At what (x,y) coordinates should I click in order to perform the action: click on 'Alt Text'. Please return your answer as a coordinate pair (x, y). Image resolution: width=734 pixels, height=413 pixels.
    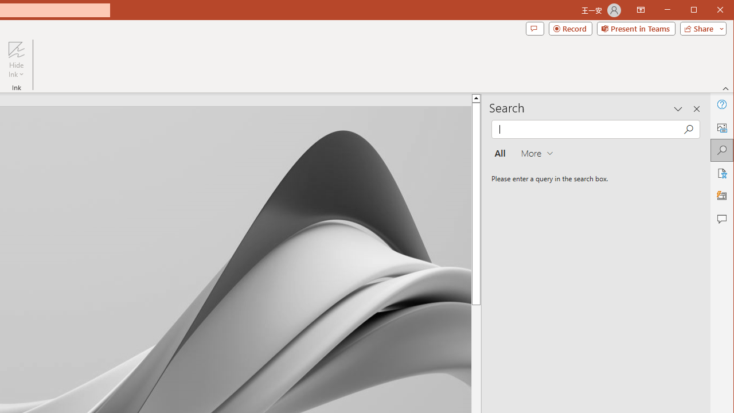
    Looking at the image, I should click on (721, 127).